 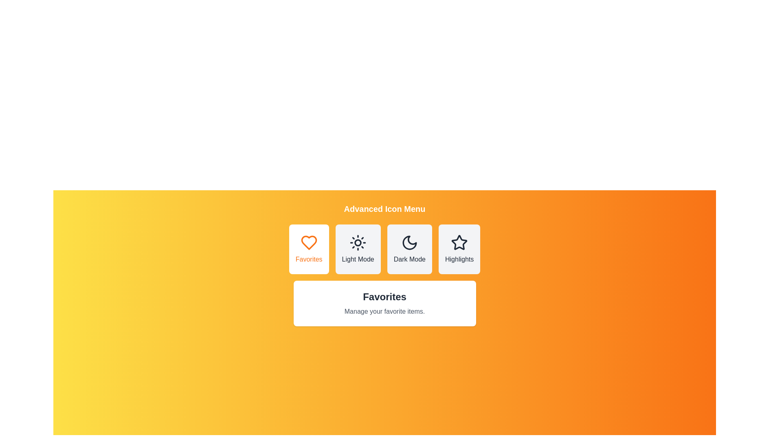 What do you see at coordinates (384, 311) in the screenshot?
I see `the text label that says 'Manage your favorite items.' which is styled in gray and located beneath the heading 'Favorites.'` at bounding box center [384, 311].